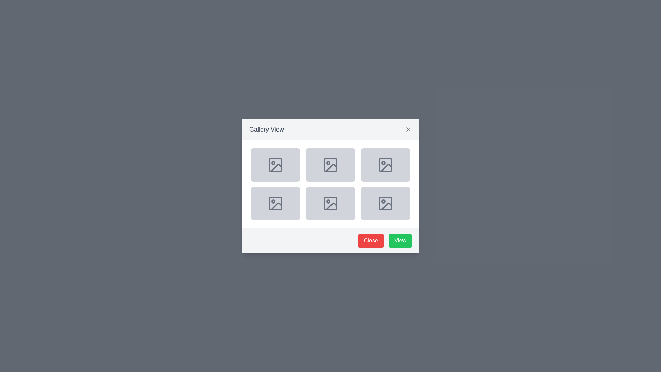 This screenshot has width=661, height=372. I want to click on the Icon placeholder located in the second column and third row of the gallery grid within the 'Gallery View' modal, so click(330, 203).